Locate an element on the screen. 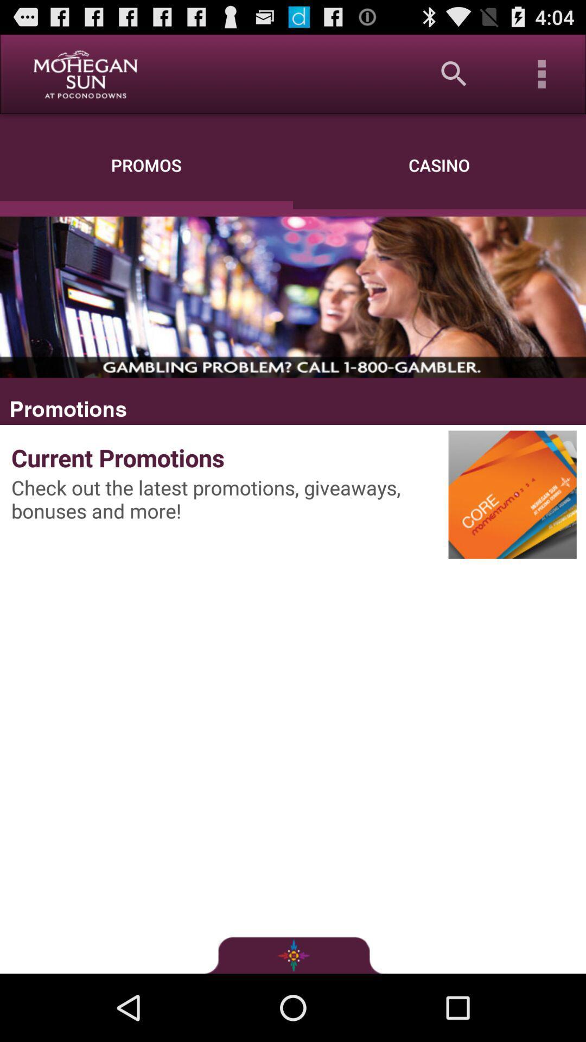  open menu is located at coordinates (542, 73).